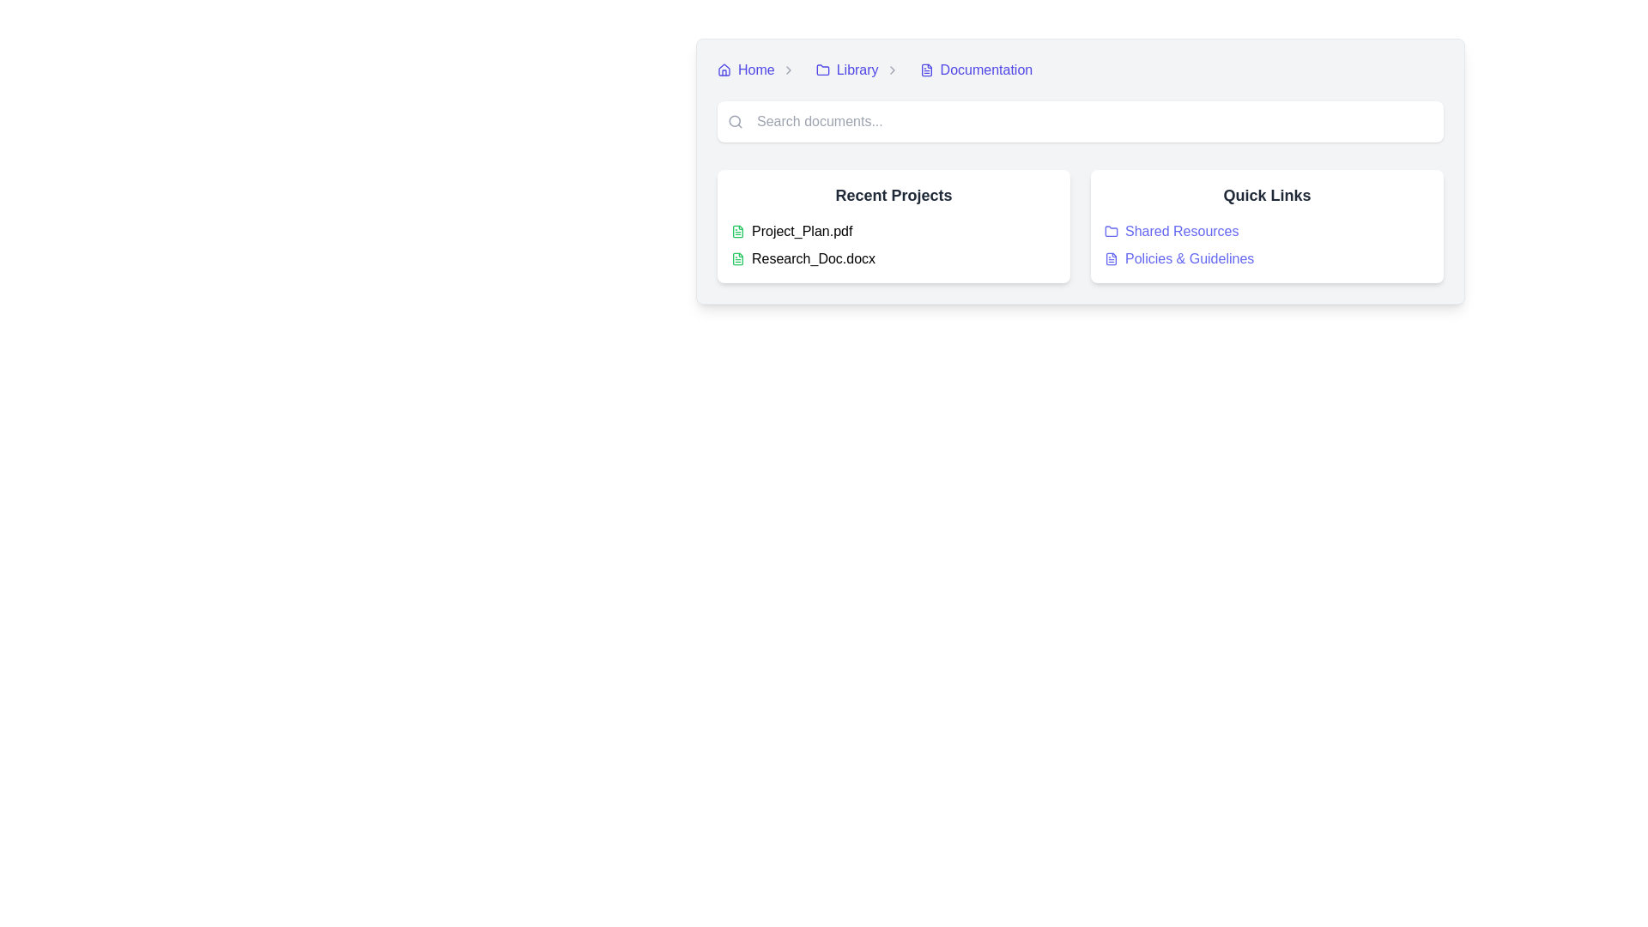 This screenshot has height=927, width=1648. What do you see at coordinates (1112, 230) in the screenshot?
I see `the stylized folder icon located in the 'Quick Links' section, which is positioned to the left of the 'Shared Resources' link text` at bounding box center [1112, 230].